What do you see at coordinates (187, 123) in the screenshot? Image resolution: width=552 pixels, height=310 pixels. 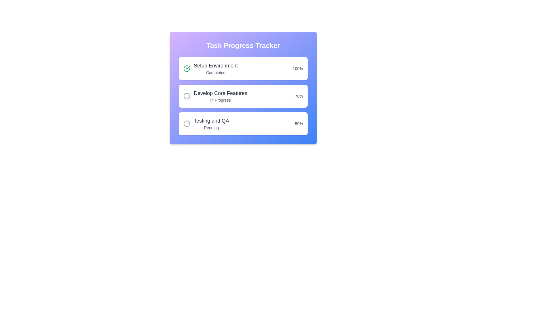 I see `the circular icon with a thin outline representing the 'Testing and QA' section in the progress tracker, which is styled in light gray to indicate a pending state` at bounding box center [187, 123].